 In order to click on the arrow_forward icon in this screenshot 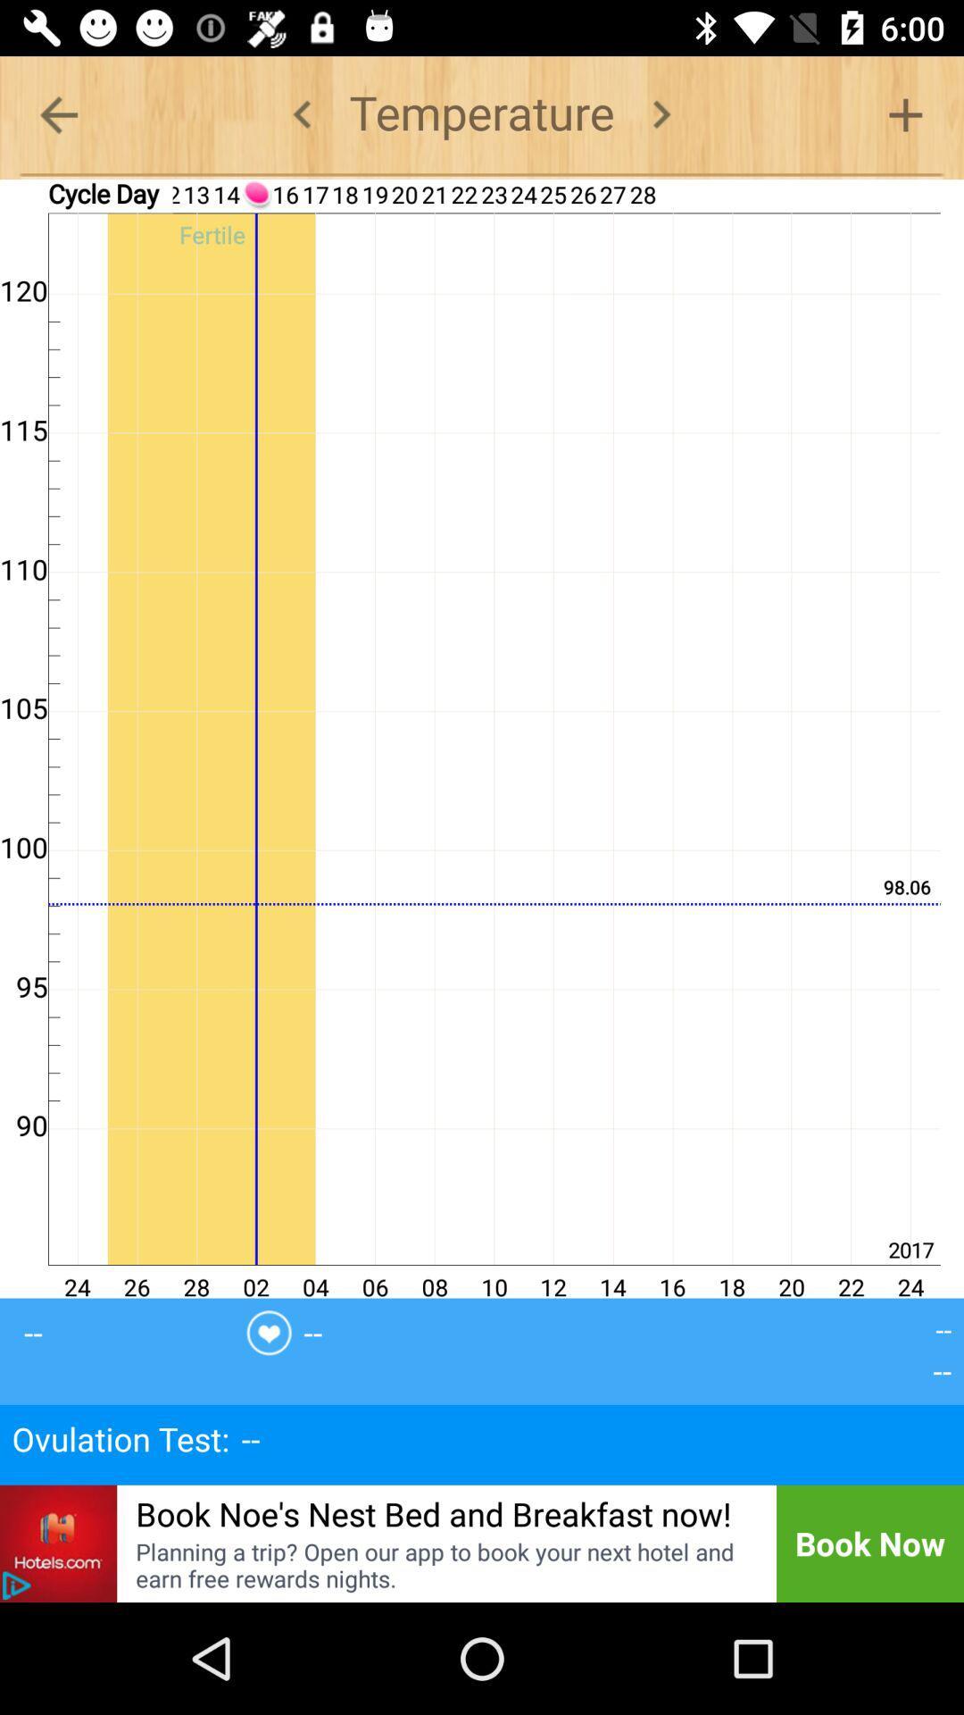, I will do `click(661, 113)`.